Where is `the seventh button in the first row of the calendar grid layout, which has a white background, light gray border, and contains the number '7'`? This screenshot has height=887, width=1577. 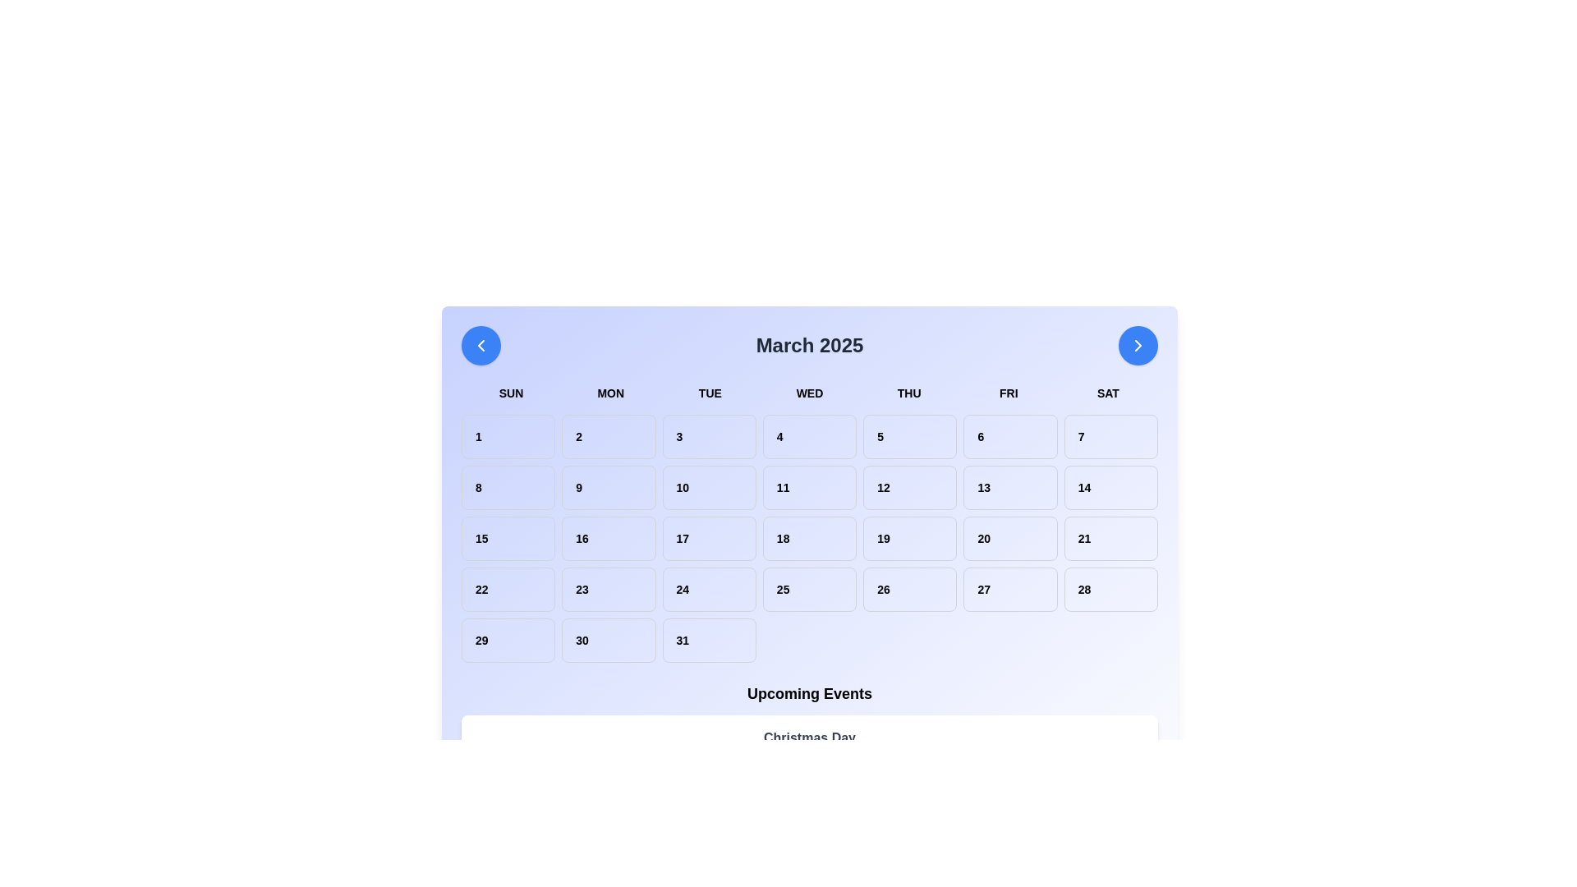
the seventh button in the first row of the calendar grid layout, which has a white background, light gray border, and contains the number '7' is located at coordinates (1110, 436).